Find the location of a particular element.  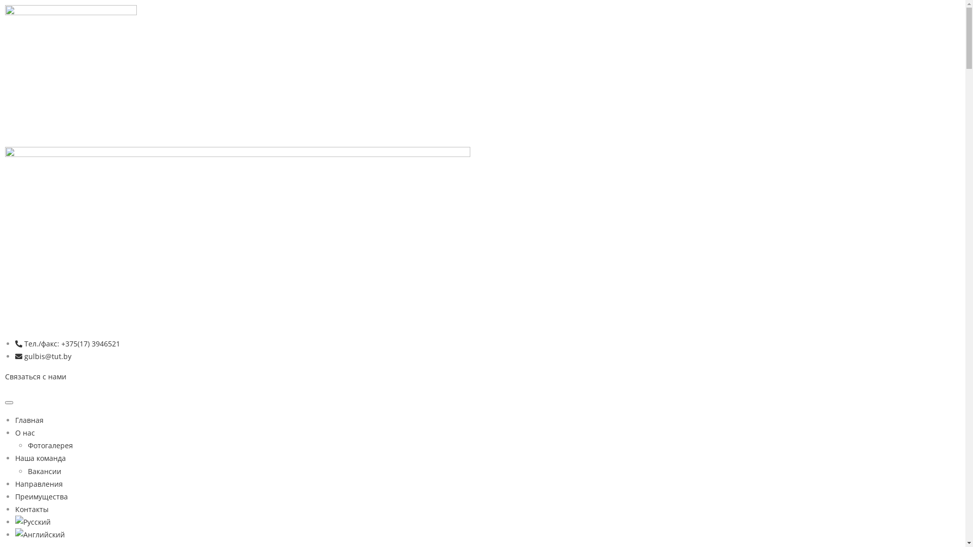

'gulbis@tut.by' is located at coordinates (15, 356).